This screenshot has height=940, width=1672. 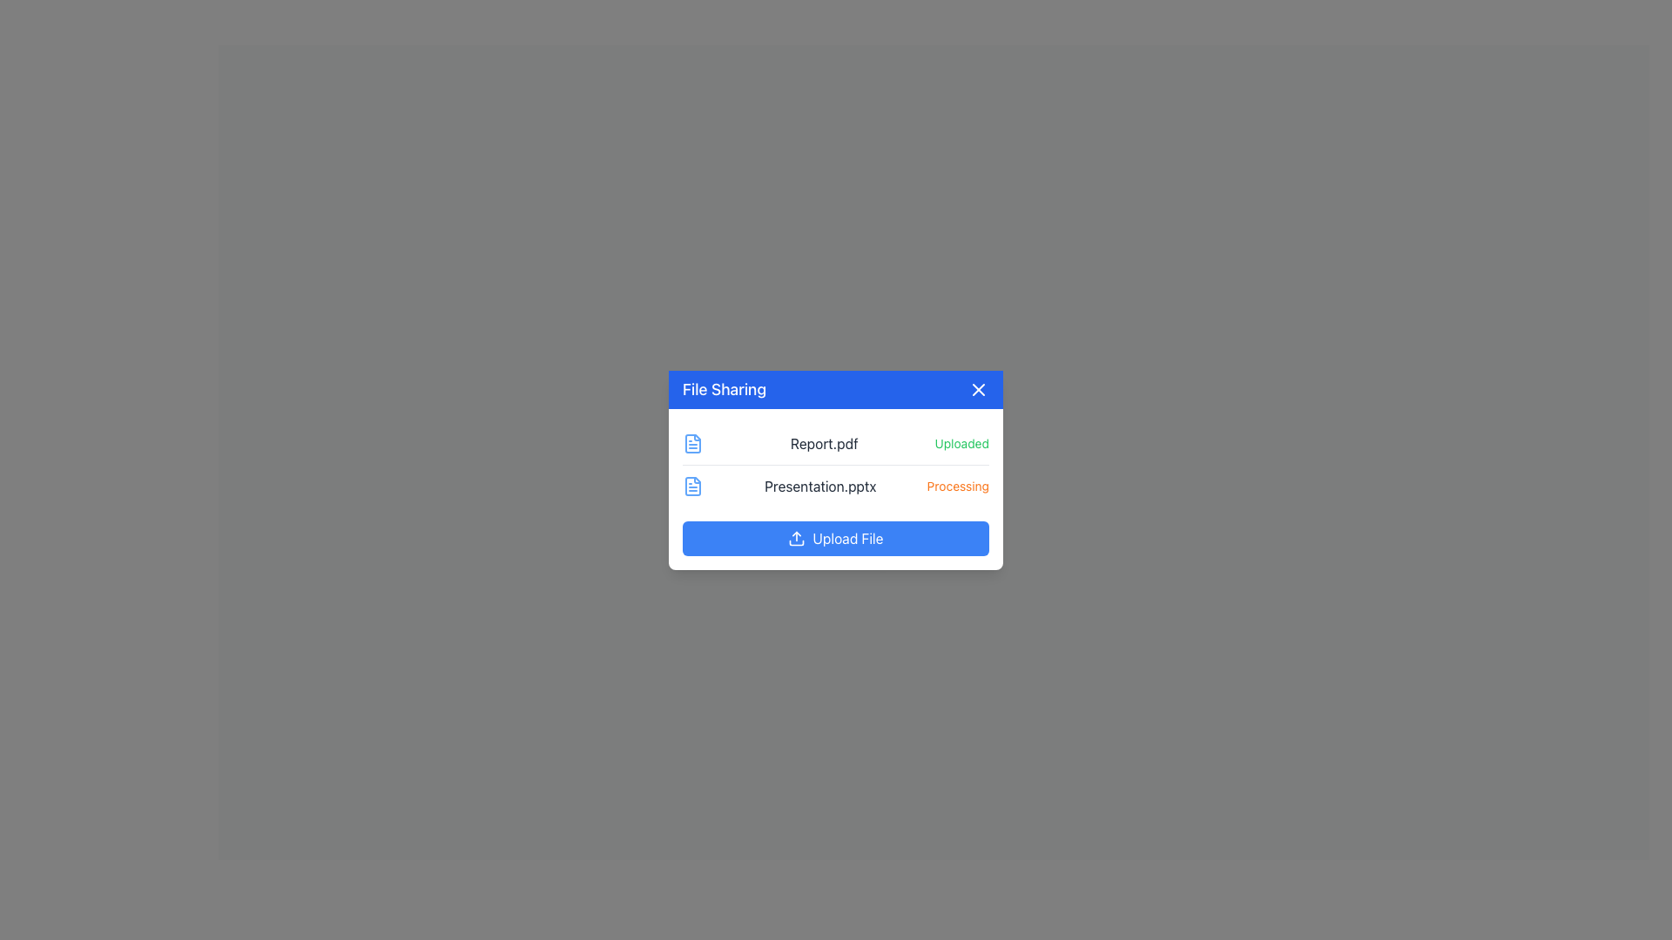 What do you see at coordinates (978, 388) in the screenshot?
I see `the close button located in the top-right corner of the file-sharing popup` at bounding box center [978, 388].